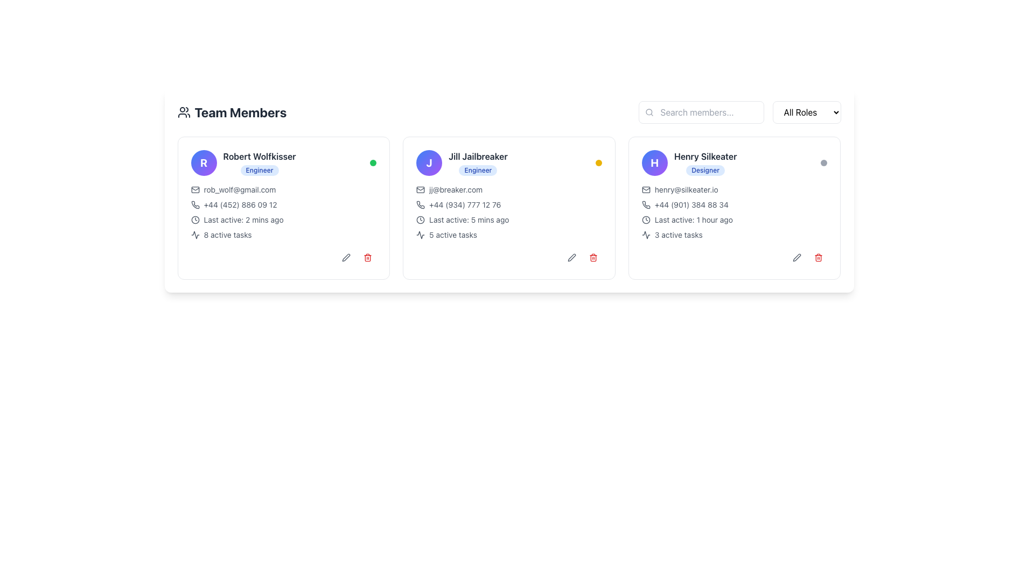  Describe the element at coordinates (346, 257) in the screenshot. I see `the edit icon, which resembles a pen or pencil and is styled in gray` at that location.